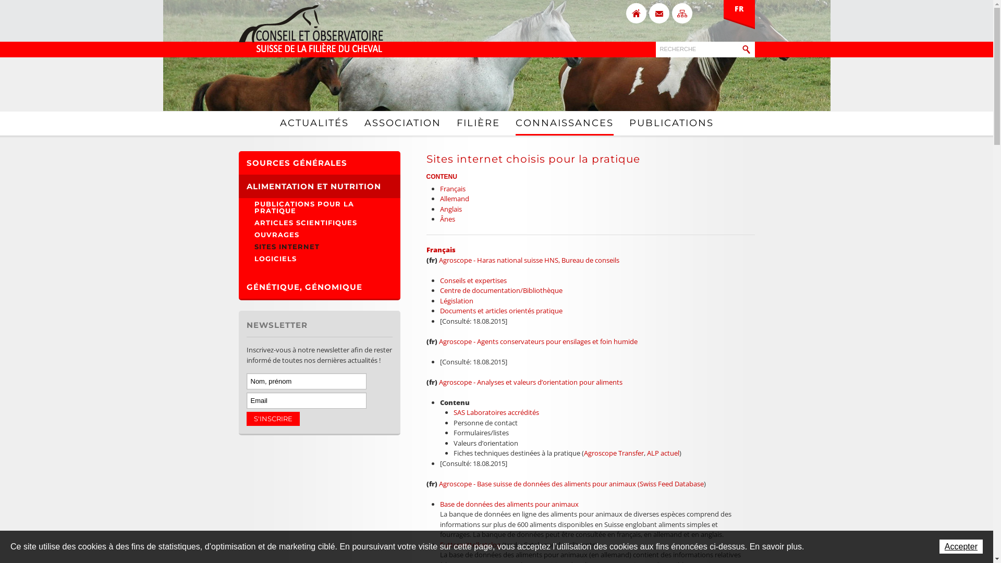 Image resolution: width=1001 pixels, height=563 pixels. What do you see at coordinates (960, 546) in the screenshot?
I see `'Accepter'` at bounding box center [960, 546].